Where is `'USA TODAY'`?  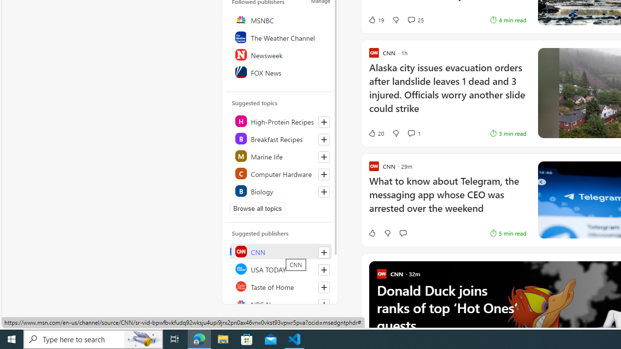 'USA TODAY' is located at coordinates (280, 269).